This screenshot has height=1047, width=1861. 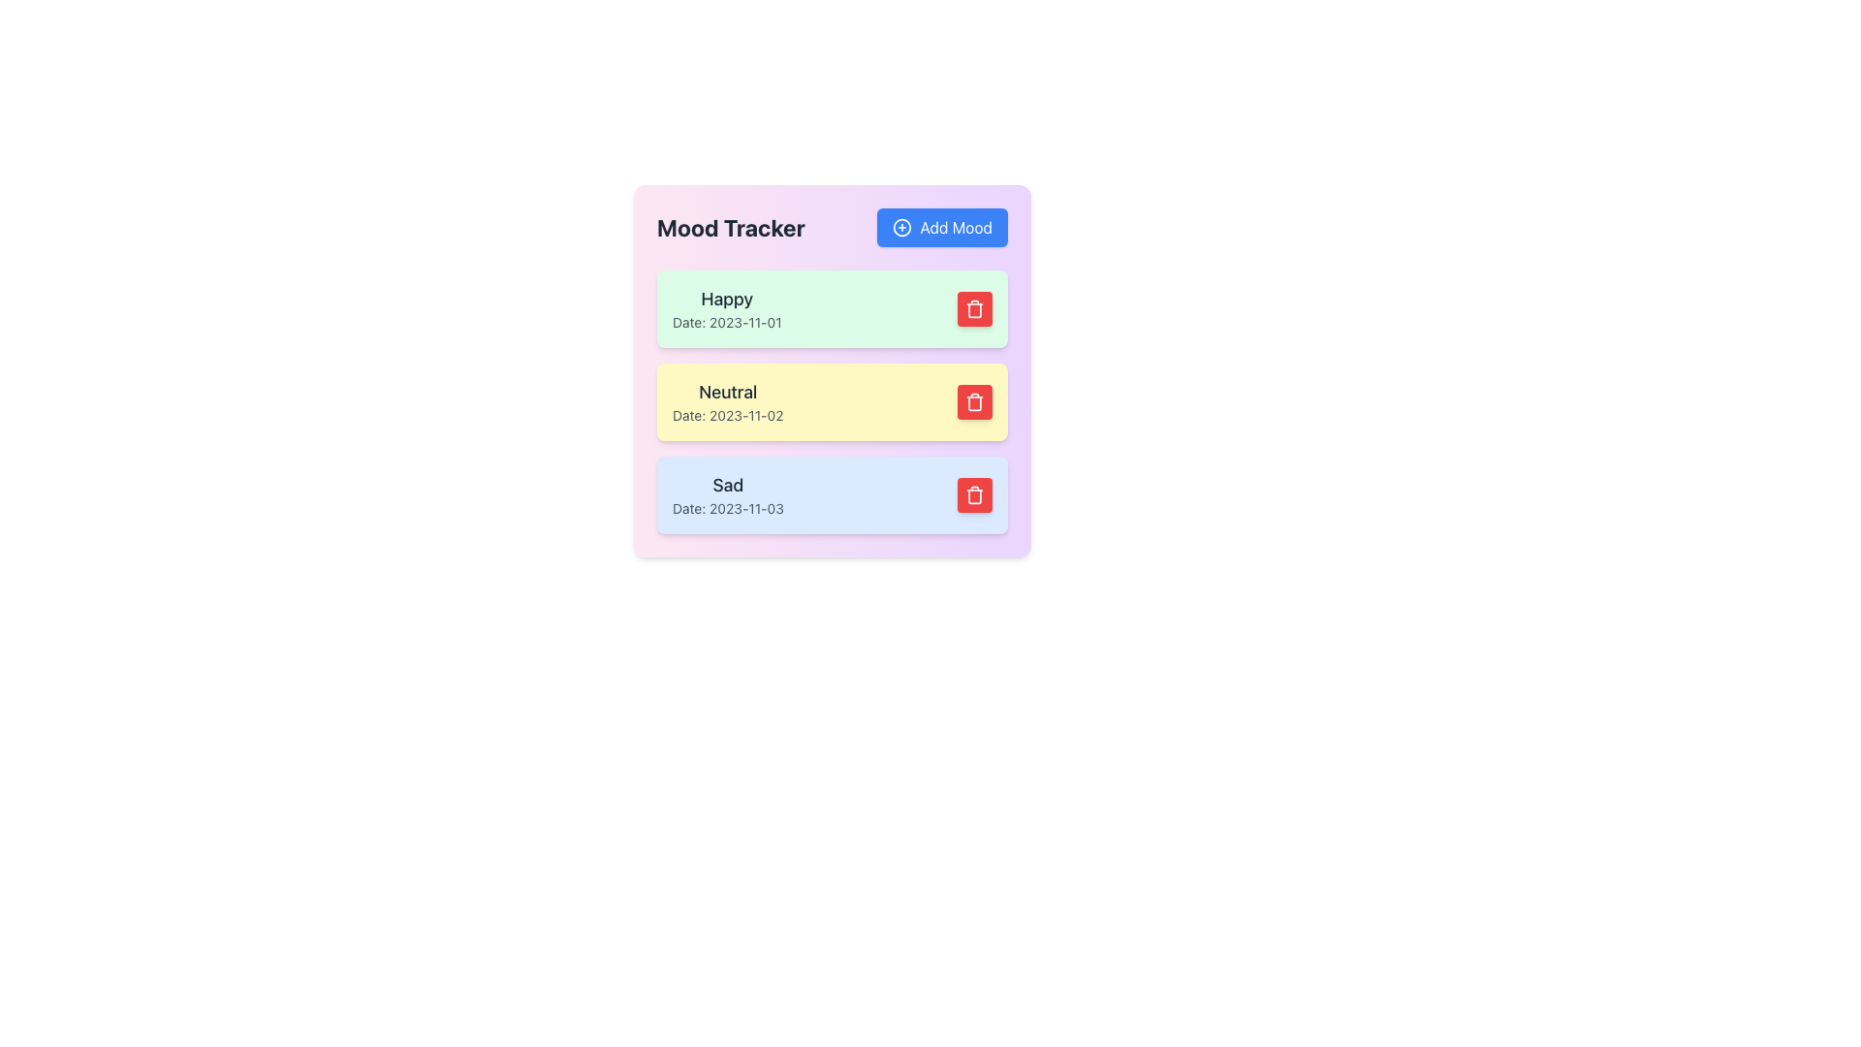 What do you see at coordinates (901, 227) in the screenshot?
I see `the decorative circular background of the 'Add Mood' button located at the top-right corner of the interface` at bounding box center [901, 227].